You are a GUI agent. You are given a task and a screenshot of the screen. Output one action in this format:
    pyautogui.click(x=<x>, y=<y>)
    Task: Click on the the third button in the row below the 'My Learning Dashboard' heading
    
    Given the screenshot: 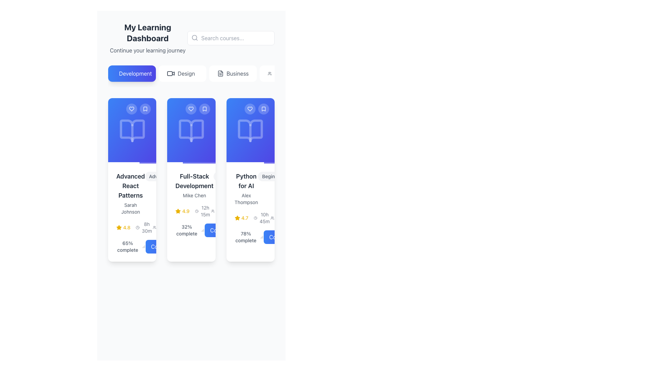 What is the action you would take?
    pyautogui.click(x=233, y=74)
    